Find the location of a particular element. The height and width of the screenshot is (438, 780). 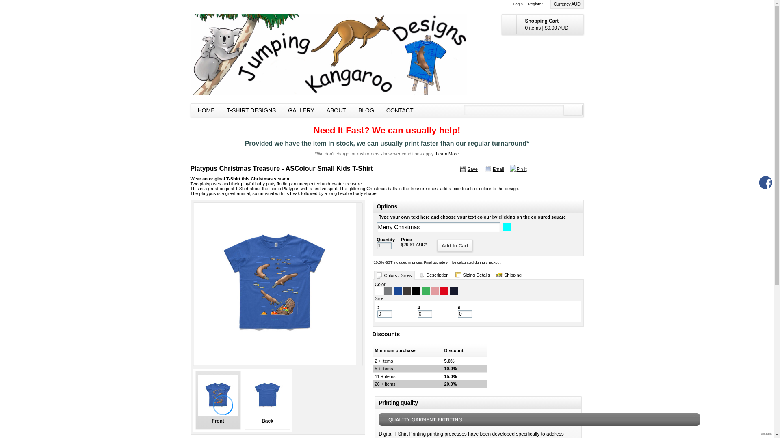

'Front' is located at coordinates (218, 400).